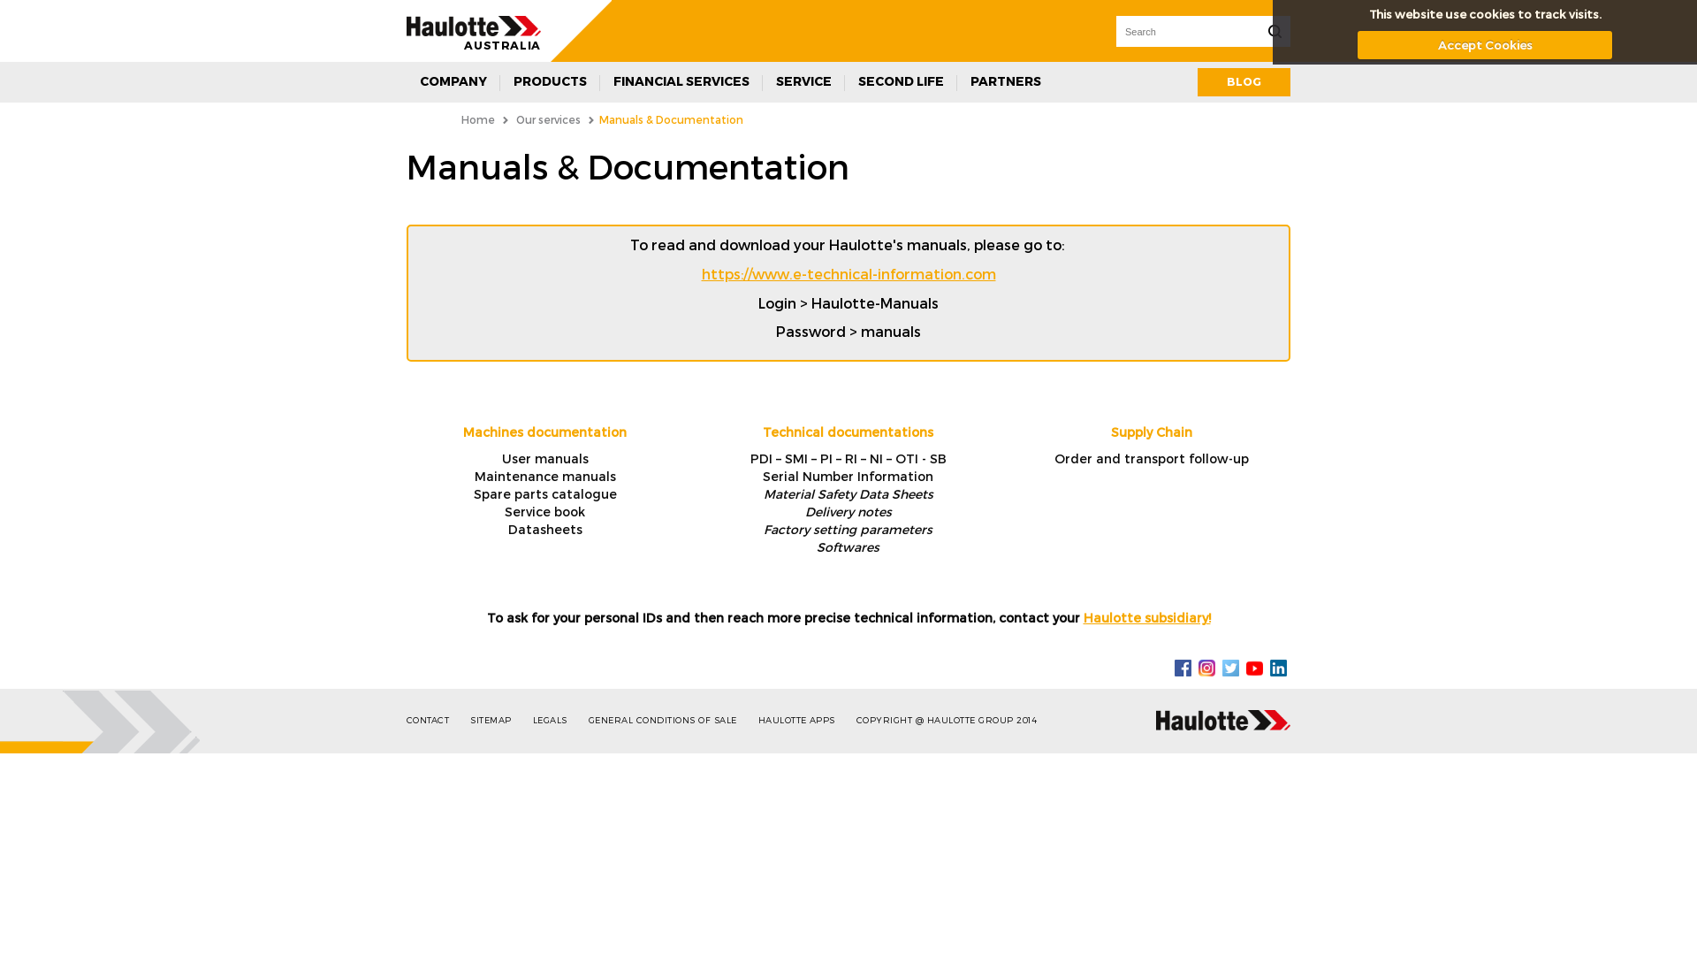 The height and width of the screenshot is (955, 1697). Describe the element at coordinates (803, 81) in the screenshot. I see `'SERVICE'` at that location.